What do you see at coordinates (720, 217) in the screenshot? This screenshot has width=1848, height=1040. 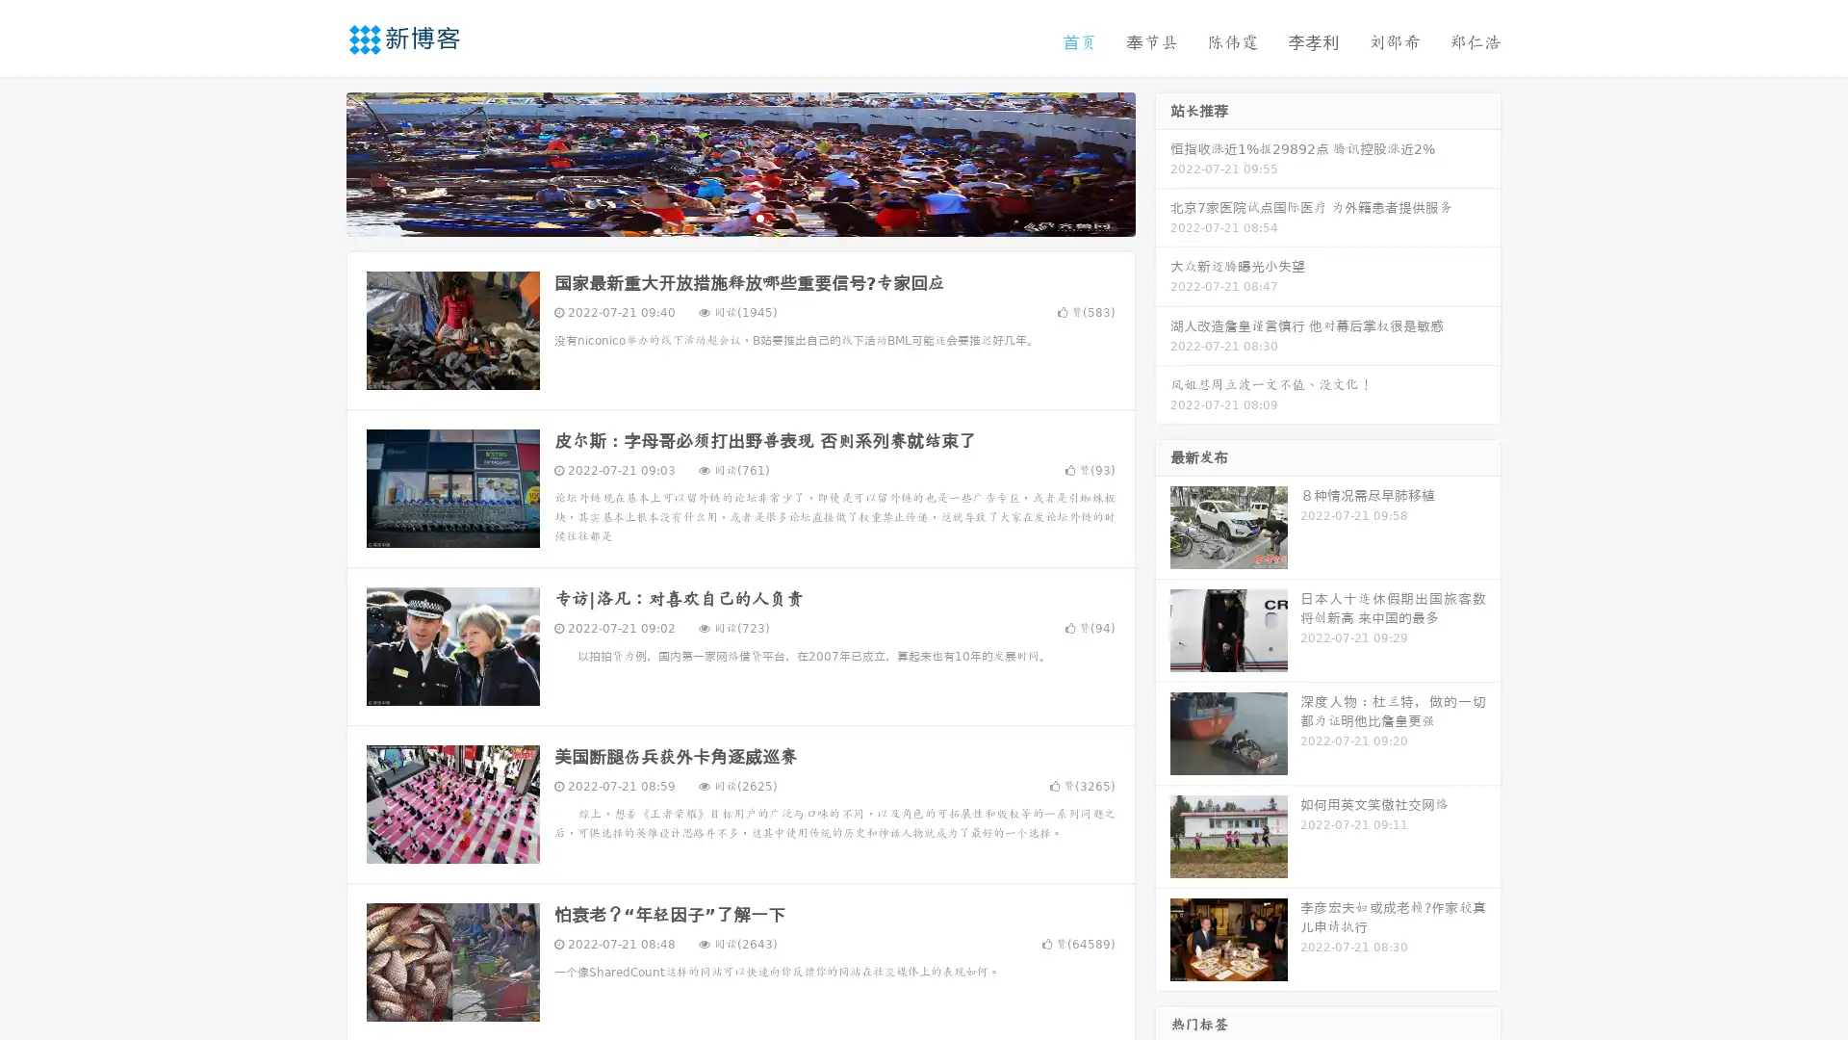 I see `Go to slide 1` at bounding box center [720, 217].